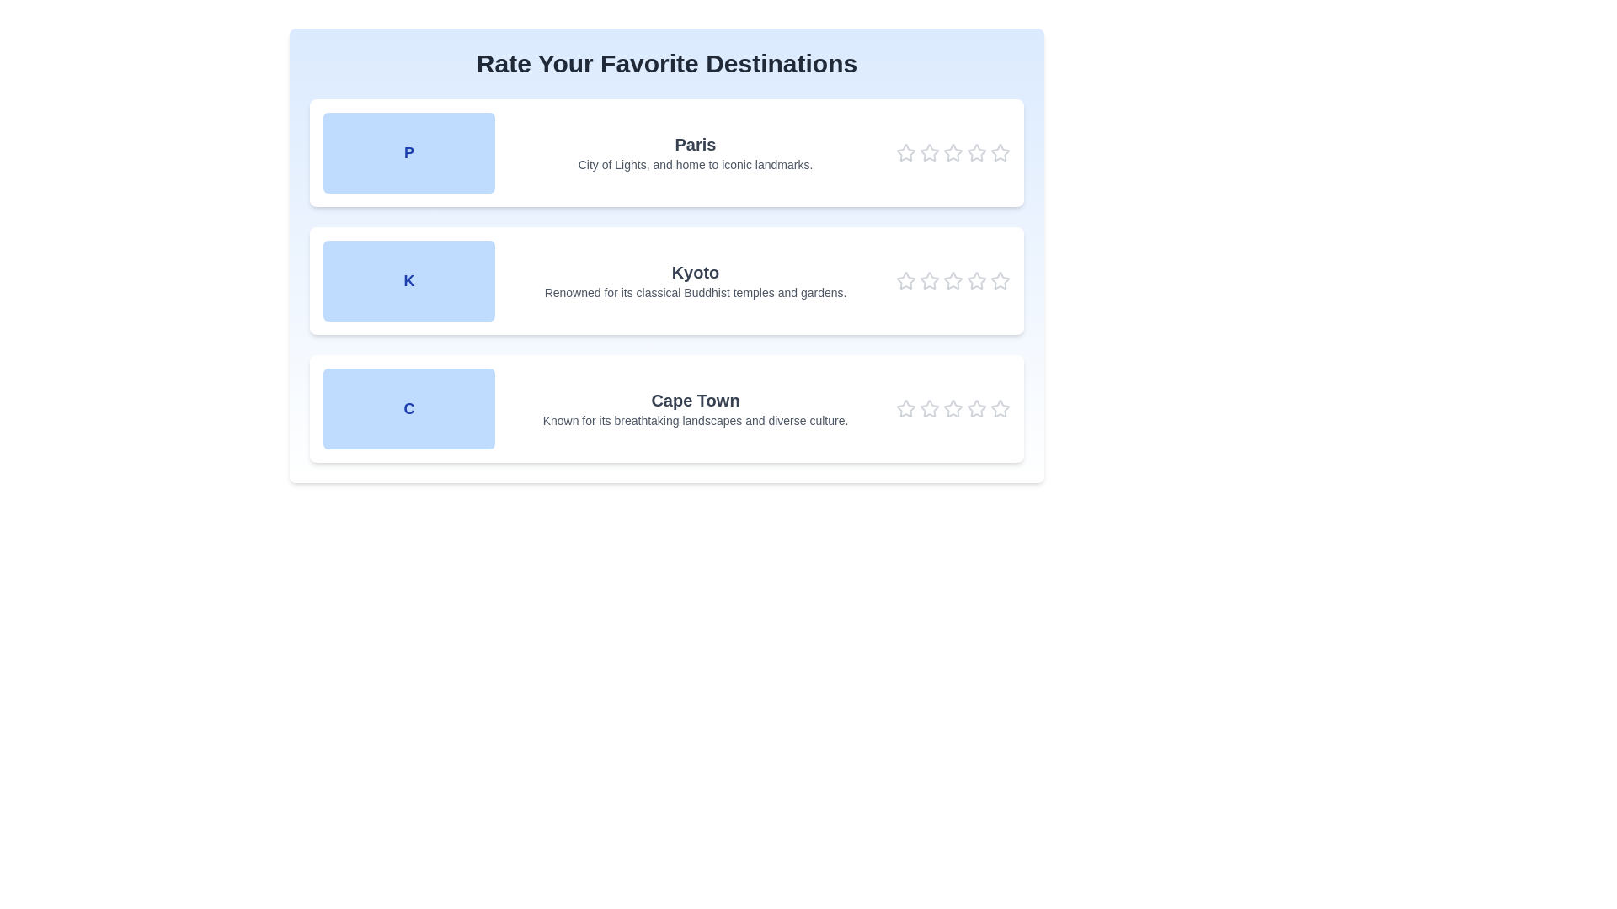 This screenshot has width=1617, height=909. I want to click on the first hollow gray star in the Cape Town rating section, so click(905, 409).